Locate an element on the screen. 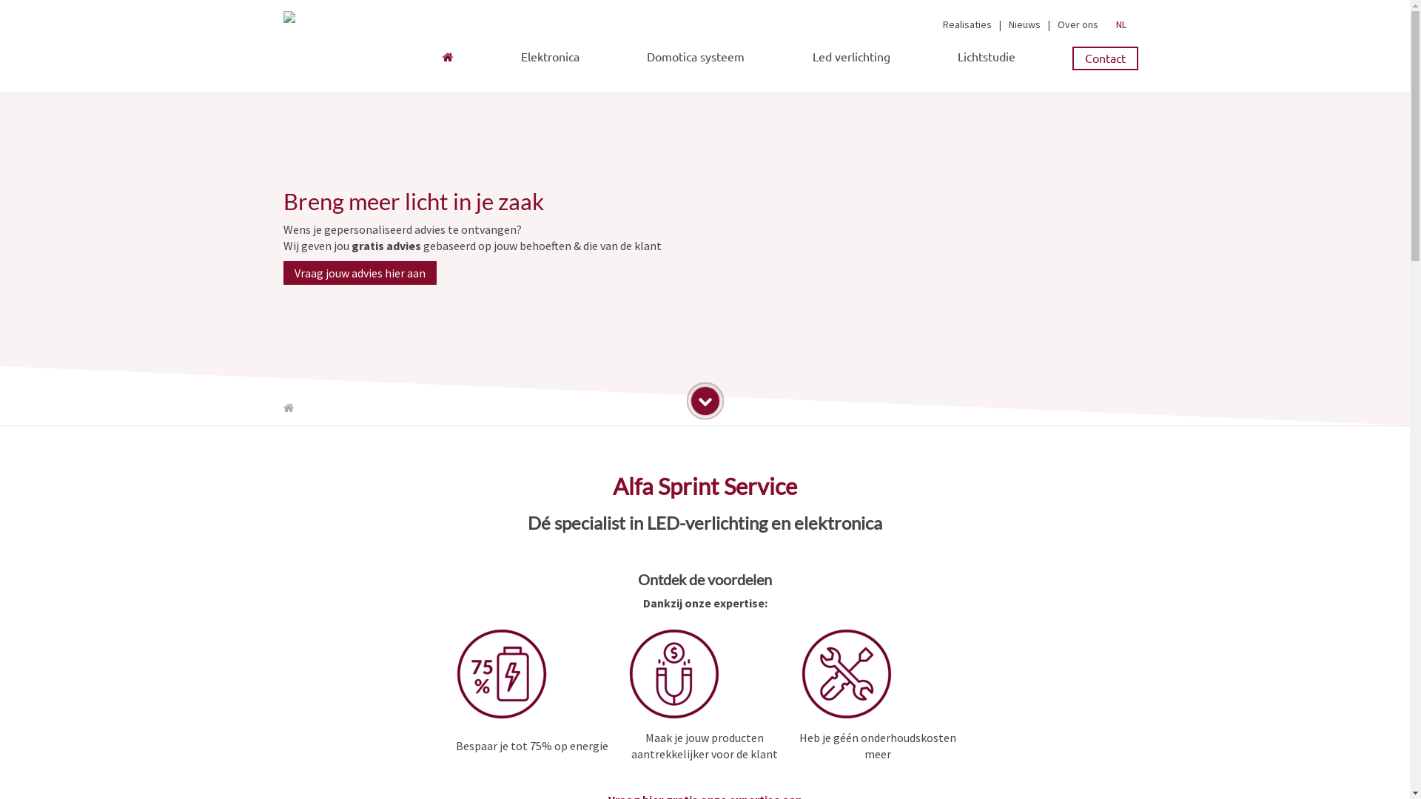 The width and height of the screenshot is (1421, 799). 'Elektronica' is located at coordinates (549, 56).